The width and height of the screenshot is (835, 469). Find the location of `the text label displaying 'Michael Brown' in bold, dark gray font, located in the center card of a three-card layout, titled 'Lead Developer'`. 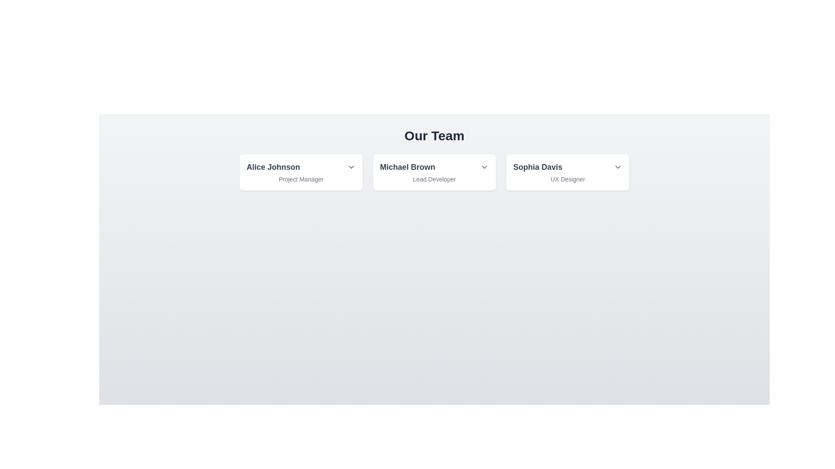

the text label displaying 'Michael Brown' in bold, dark gray font, located in the center card of a three-card layout, titled 'Lead Developer' is located at coordinates (434, 167).